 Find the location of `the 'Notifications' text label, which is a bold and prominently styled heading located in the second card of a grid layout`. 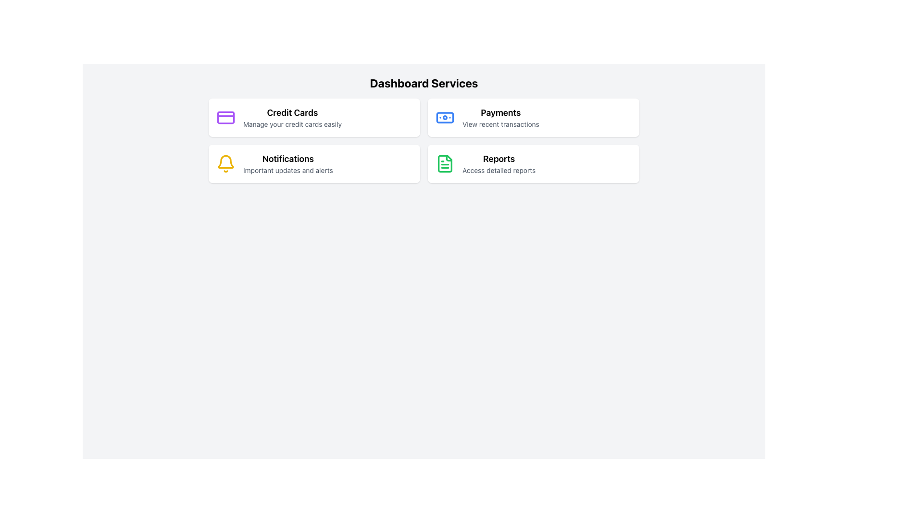

the 'Notifications' text label, which is a bold and prominently styled heading located in the second card of a grid layout is located at coordinates (287, 159).